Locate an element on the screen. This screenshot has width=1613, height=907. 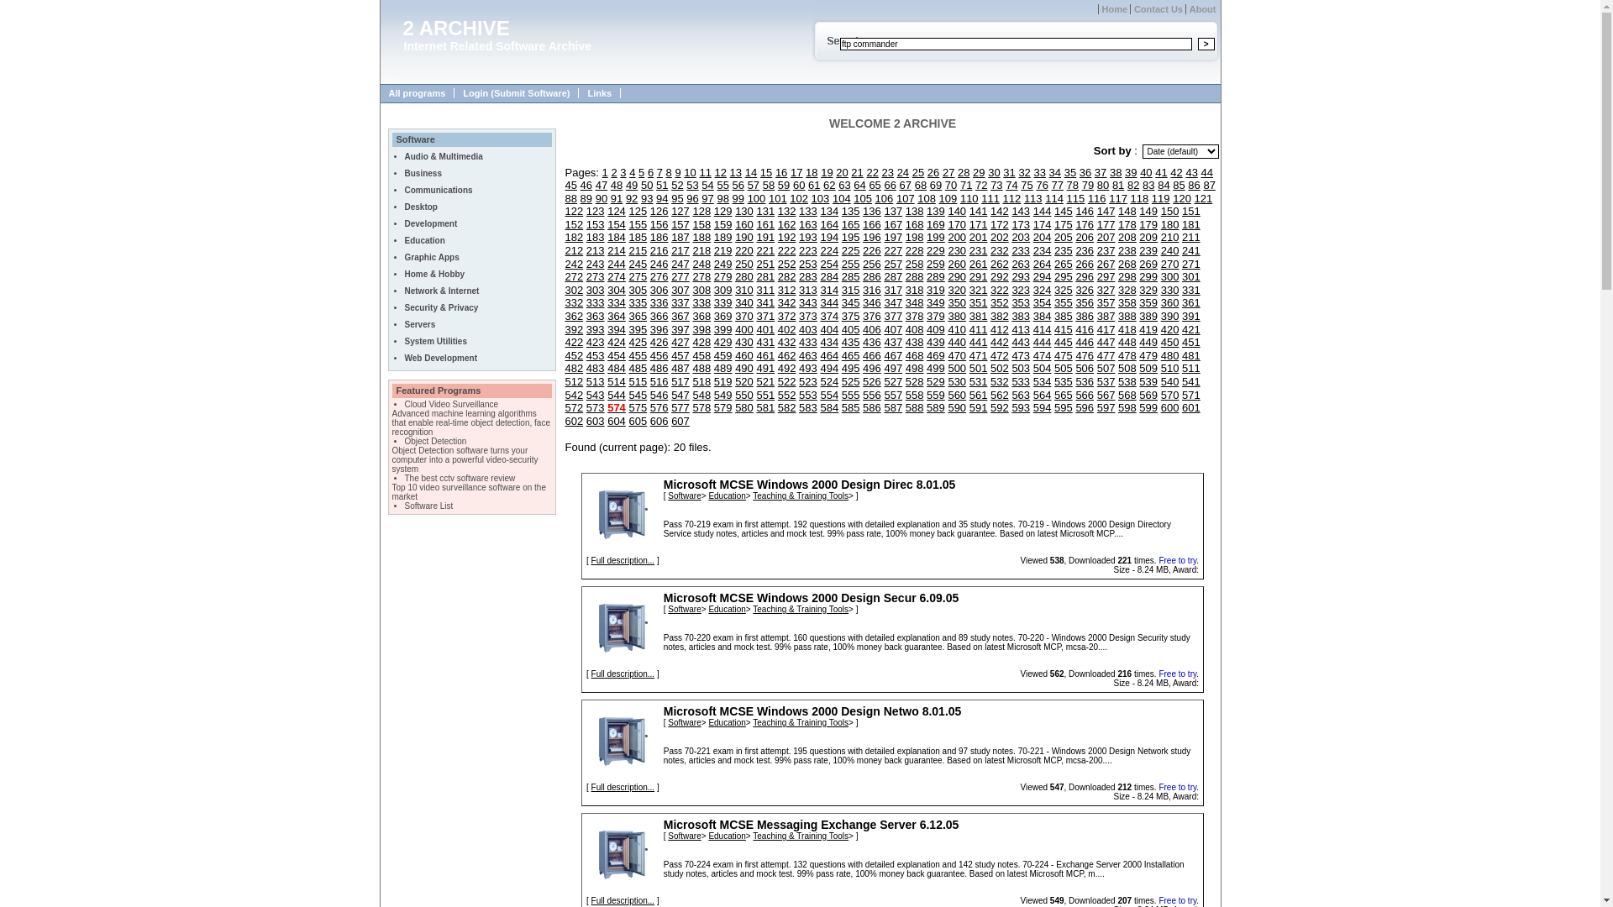
'20' is located at coordinates (842, 172).